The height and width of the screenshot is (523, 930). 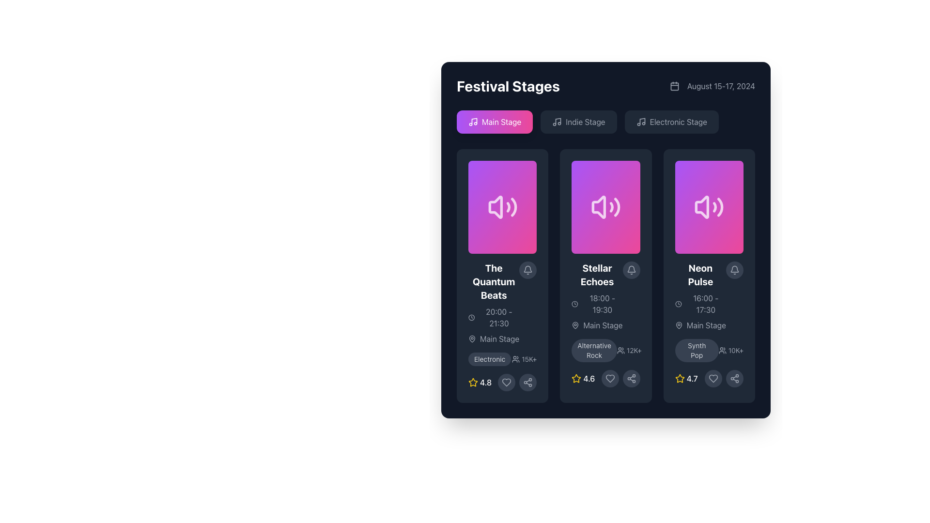 I want to click on the numerical rating value '4.7' displayed in the Rating Indicator, which is a small text label with a yellow star icon to its left, located at the bottom section of the 'Neon Pulse' card, so click(x=686, y=378).